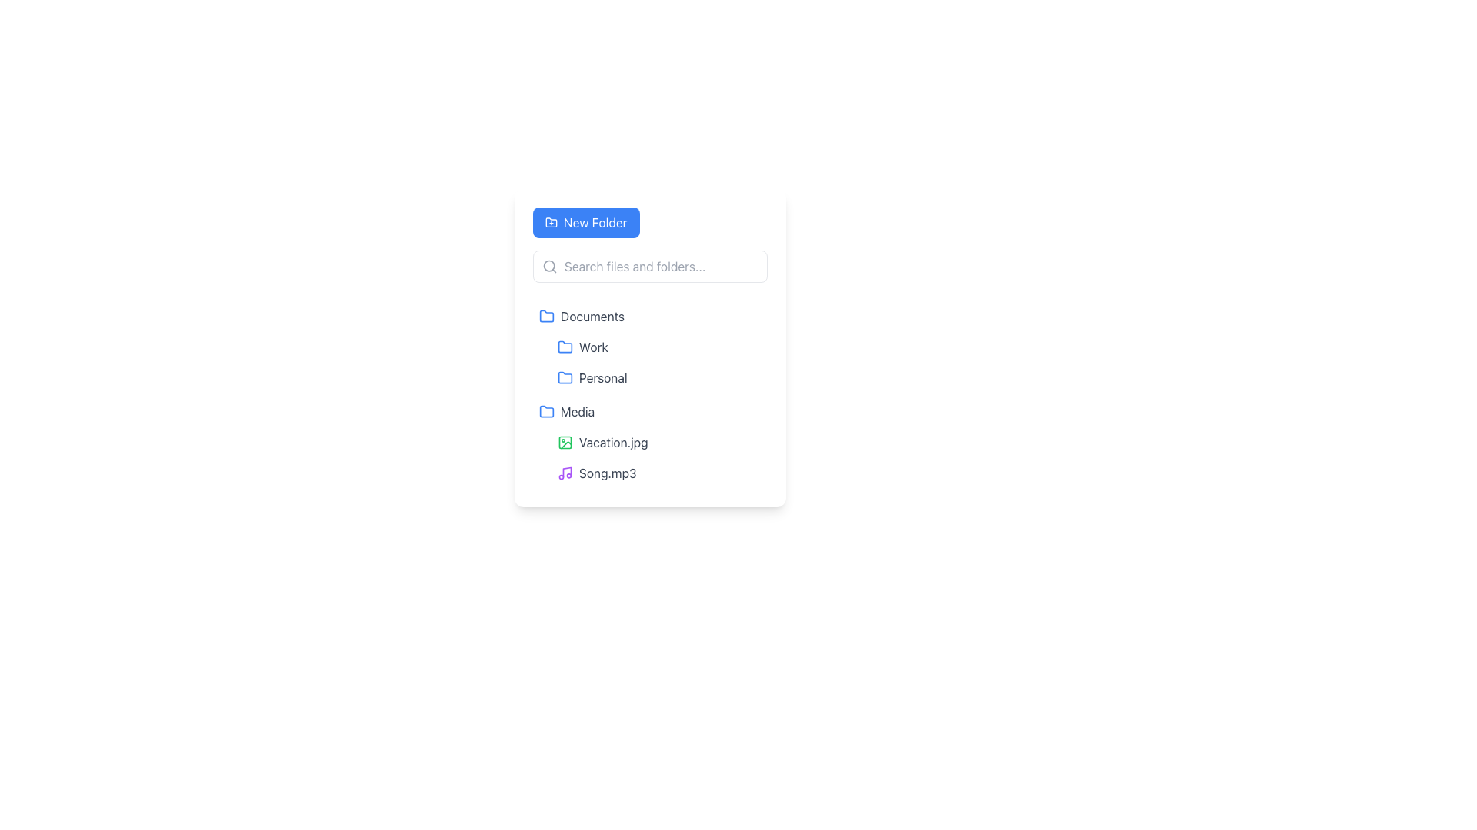 The height and width of the screenshot is (830, 1477). Describe the element at coordinates (564, 378) in the screenshot. I see `the Folder Icon, which is styled with a blue outline and is the leftmost component within the 'Personal' row, positioned below the 'Work' entry` at that location.